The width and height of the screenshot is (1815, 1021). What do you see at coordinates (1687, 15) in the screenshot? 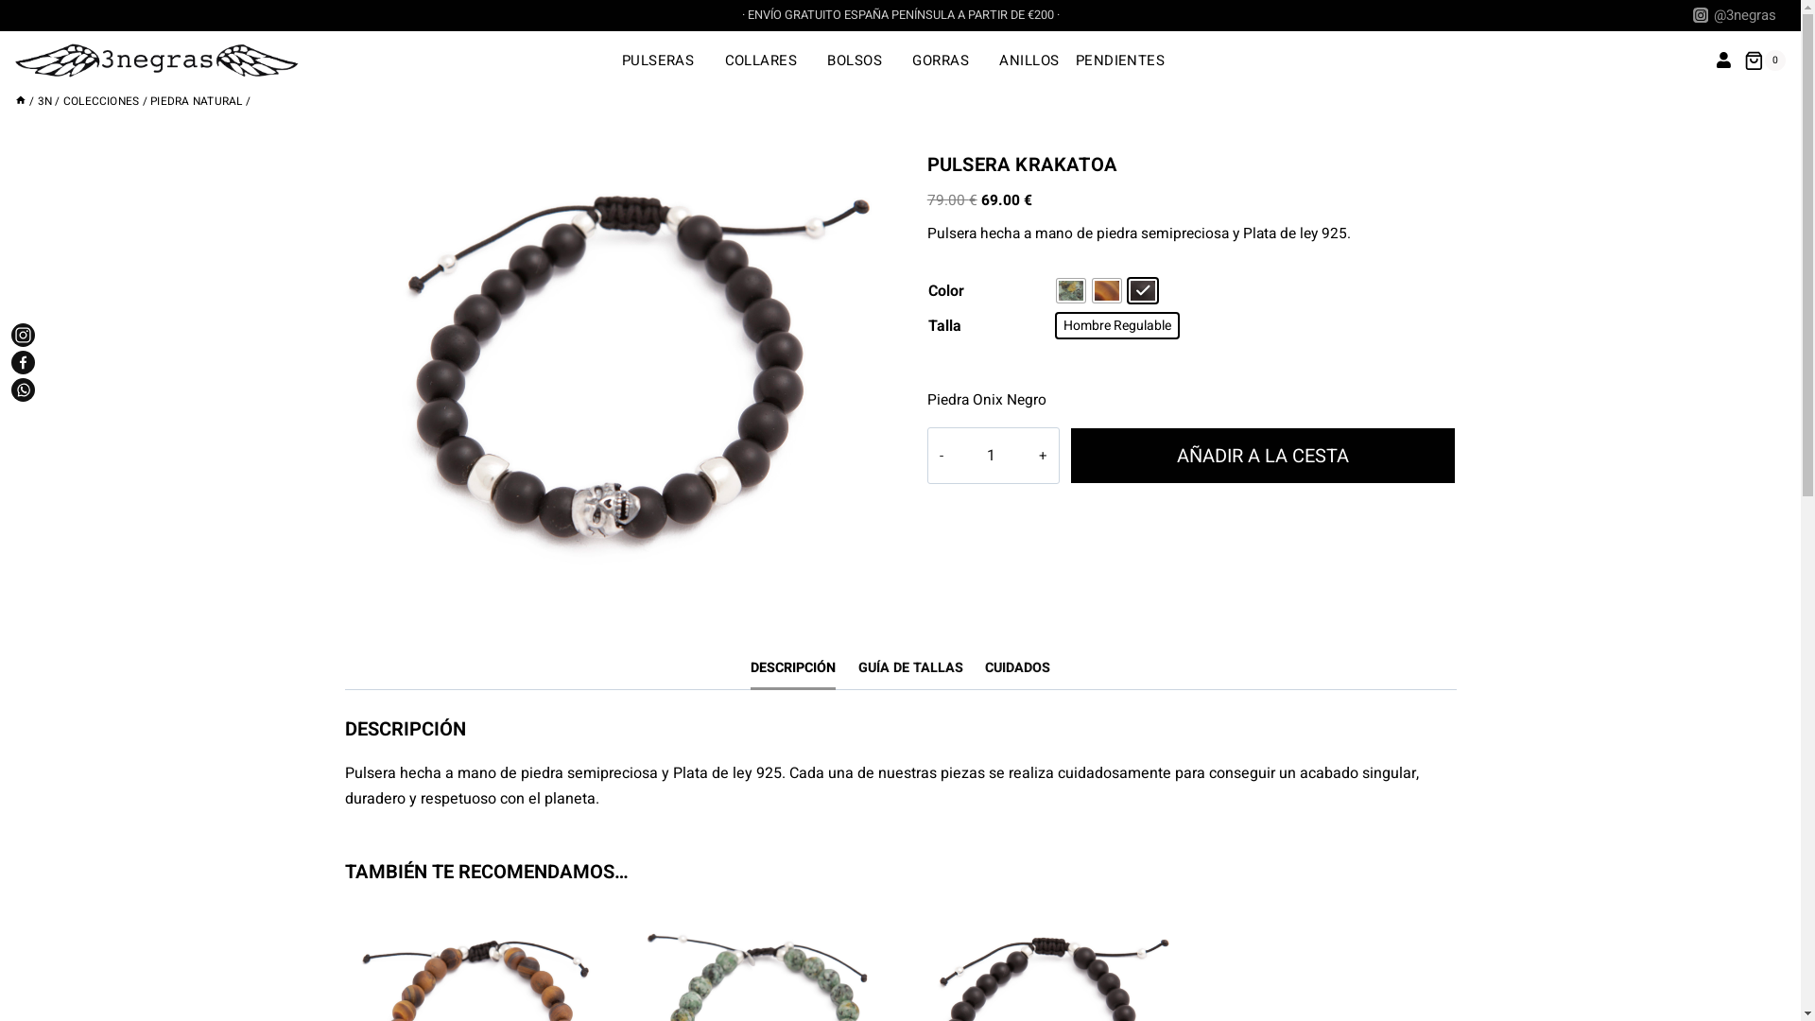
I see `'@3negras'` at bounding box center [1687, 15].